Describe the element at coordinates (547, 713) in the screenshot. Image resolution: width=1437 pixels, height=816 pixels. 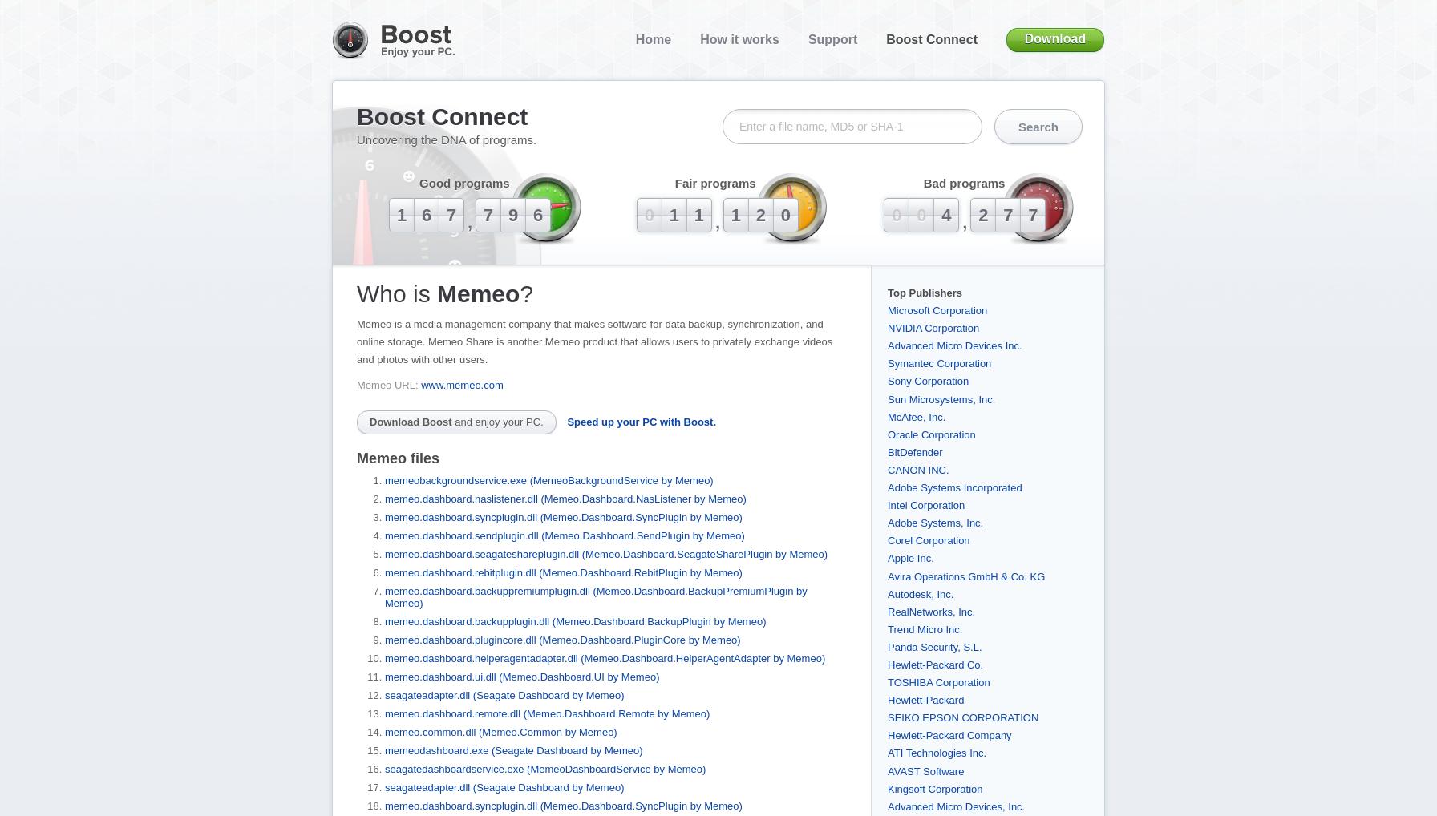
I see `'memeo.dashboard.remote.dll (Memeo.Dashboard.Remote by Memeo)'` at that location.